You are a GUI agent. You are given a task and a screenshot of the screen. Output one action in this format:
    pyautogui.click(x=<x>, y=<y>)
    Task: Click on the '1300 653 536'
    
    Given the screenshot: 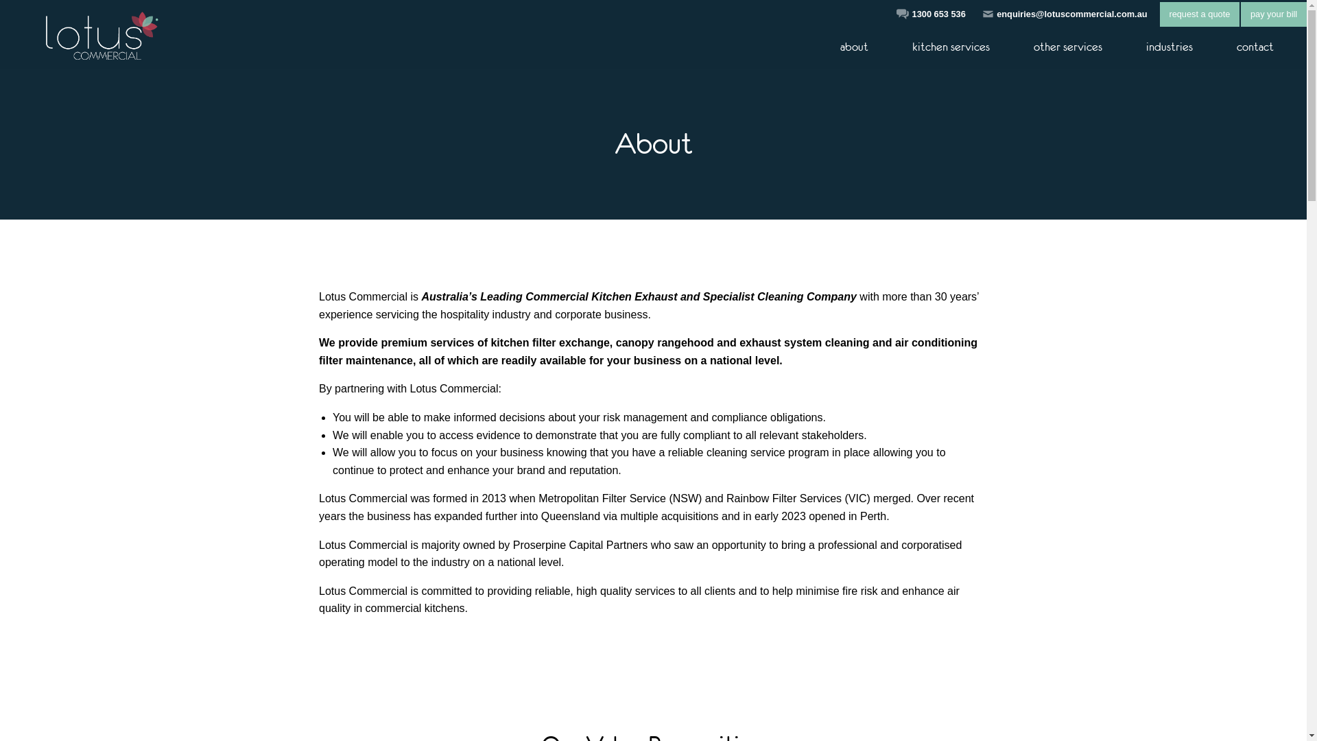 What is the action you would take?
    pyautogui.click(x=912, y=14)
    